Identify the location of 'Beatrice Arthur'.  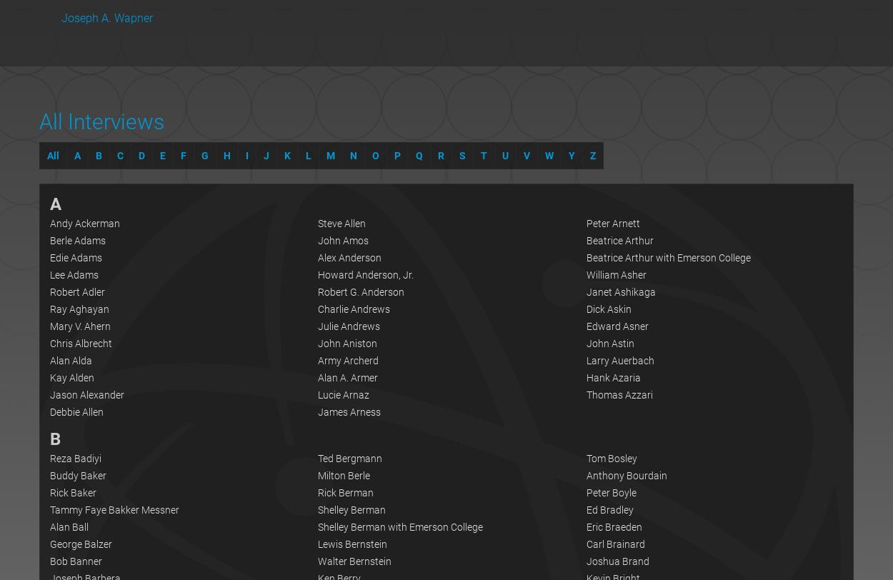
(619, 240).